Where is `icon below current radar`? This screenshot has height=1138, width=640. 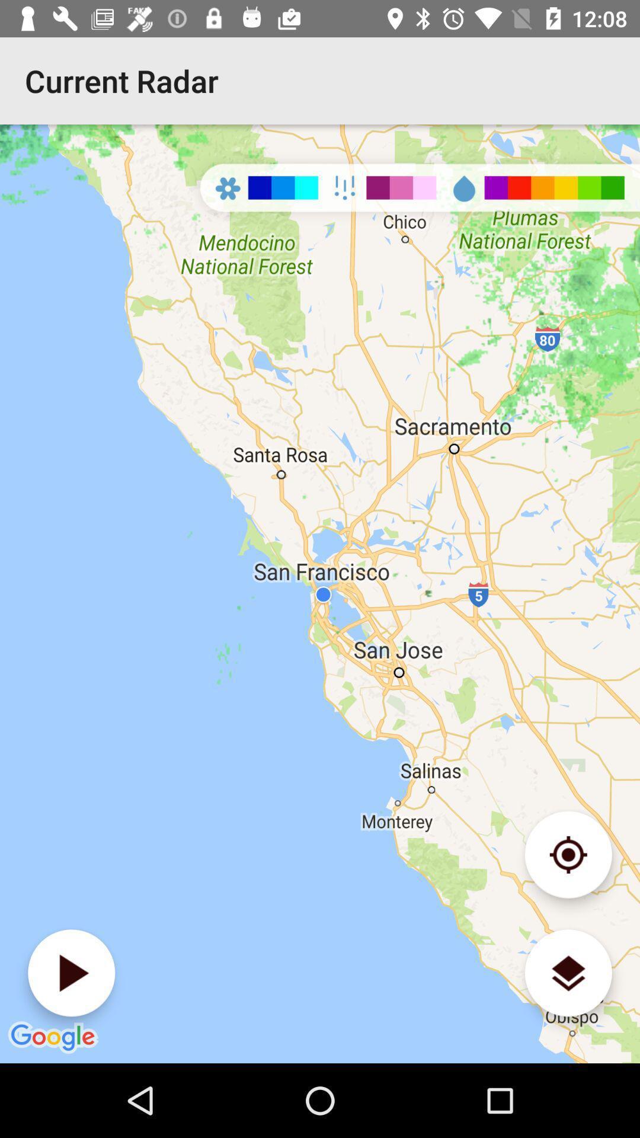 icon below current radar is located at coordinates (320, 594).